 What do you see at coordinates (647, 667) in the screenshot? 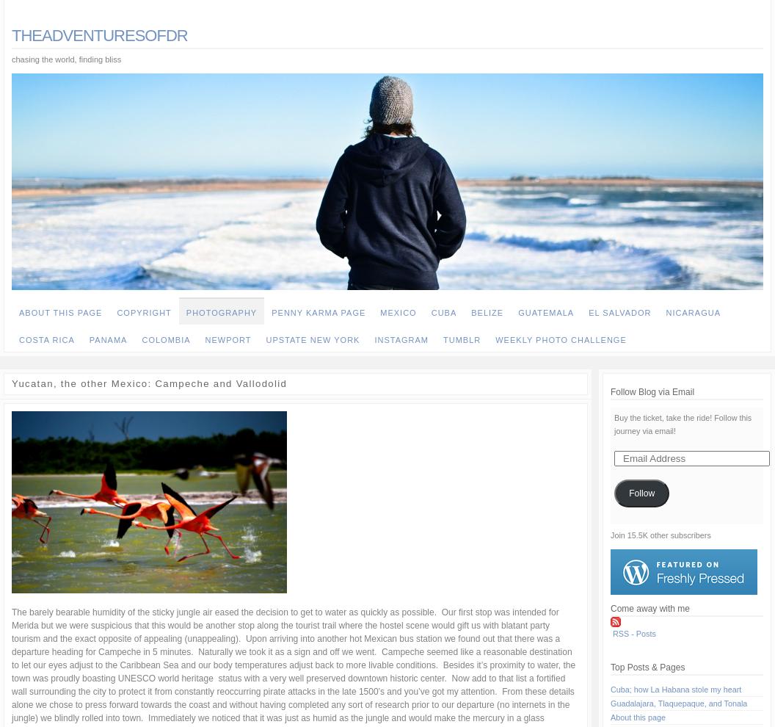
I see `'Top Posts & Pages'` at bounding box center [647, 667].